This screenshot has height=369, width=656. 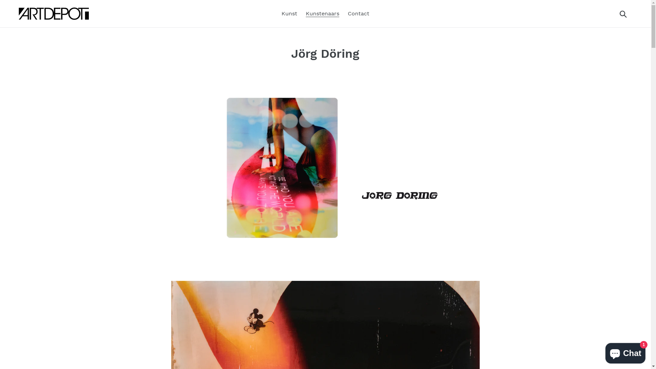 What do you see at coordinates (278, 13) in the screenshot?
I see `'Kunst'` at bounding box center [278, 13].